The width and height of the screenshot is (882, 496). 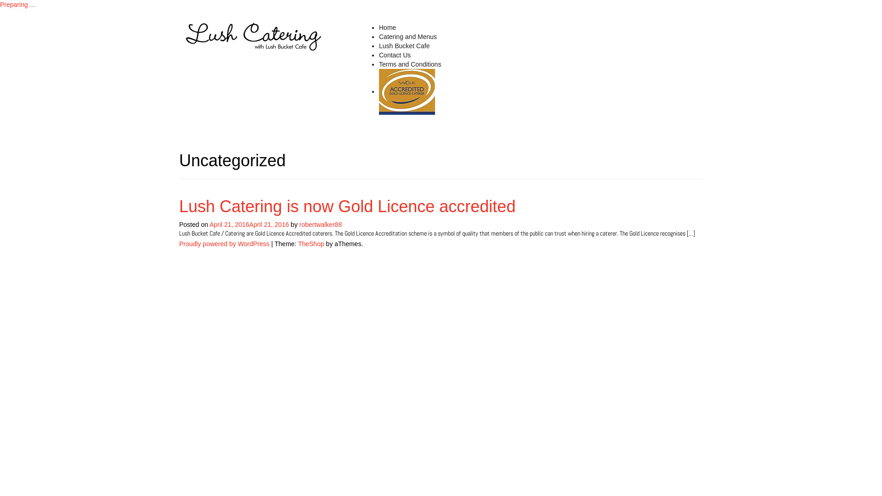 I want to click on 'Lush Catering - with Lush Bucket Cafe', so click(x=254, y=35).